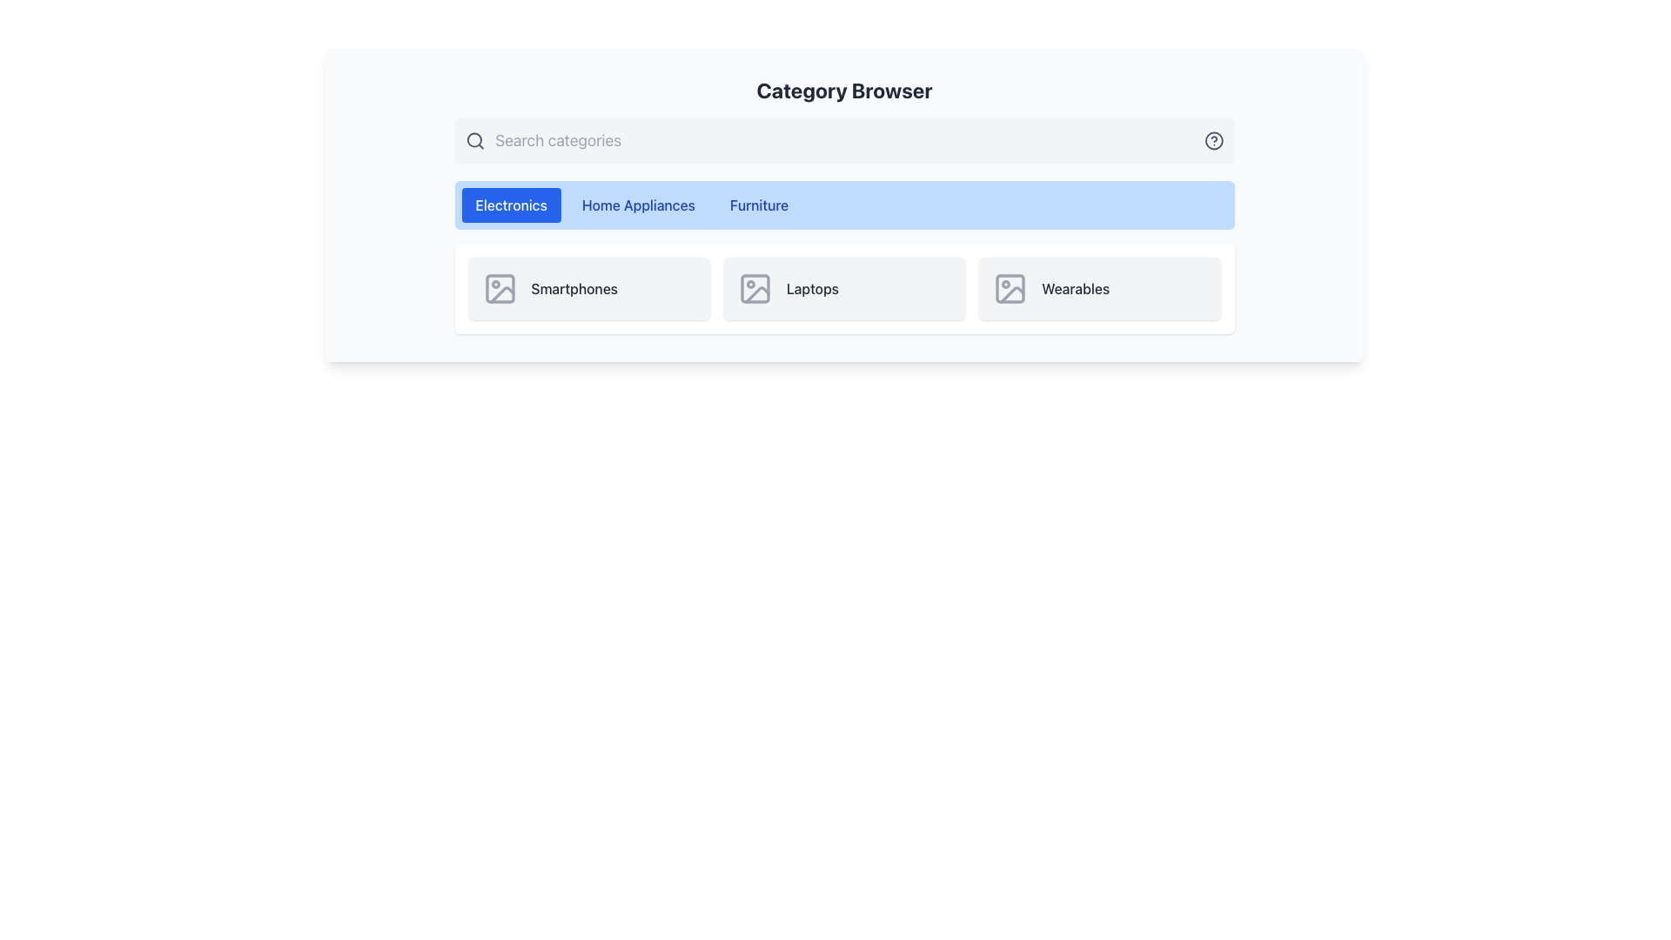 The image size is (1671, 940). I want to click on the 'Home Appliances' tab in the tab list, so click(844, 204).